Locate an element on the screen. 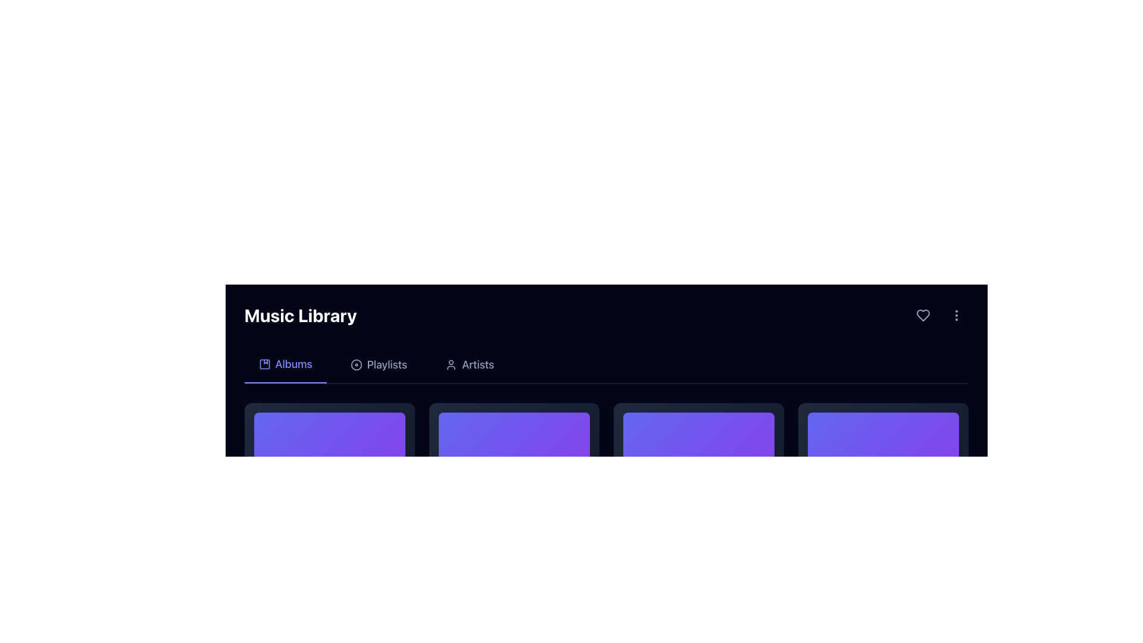 Image resolution: width=1143 pixels, height=643 pixels. the visual contents of the Informational Display showing the rating (4.5 stars) and time duration (3:45), located below 'Dream Wave' and above a button-like icon is located at coordinates (329, 610).